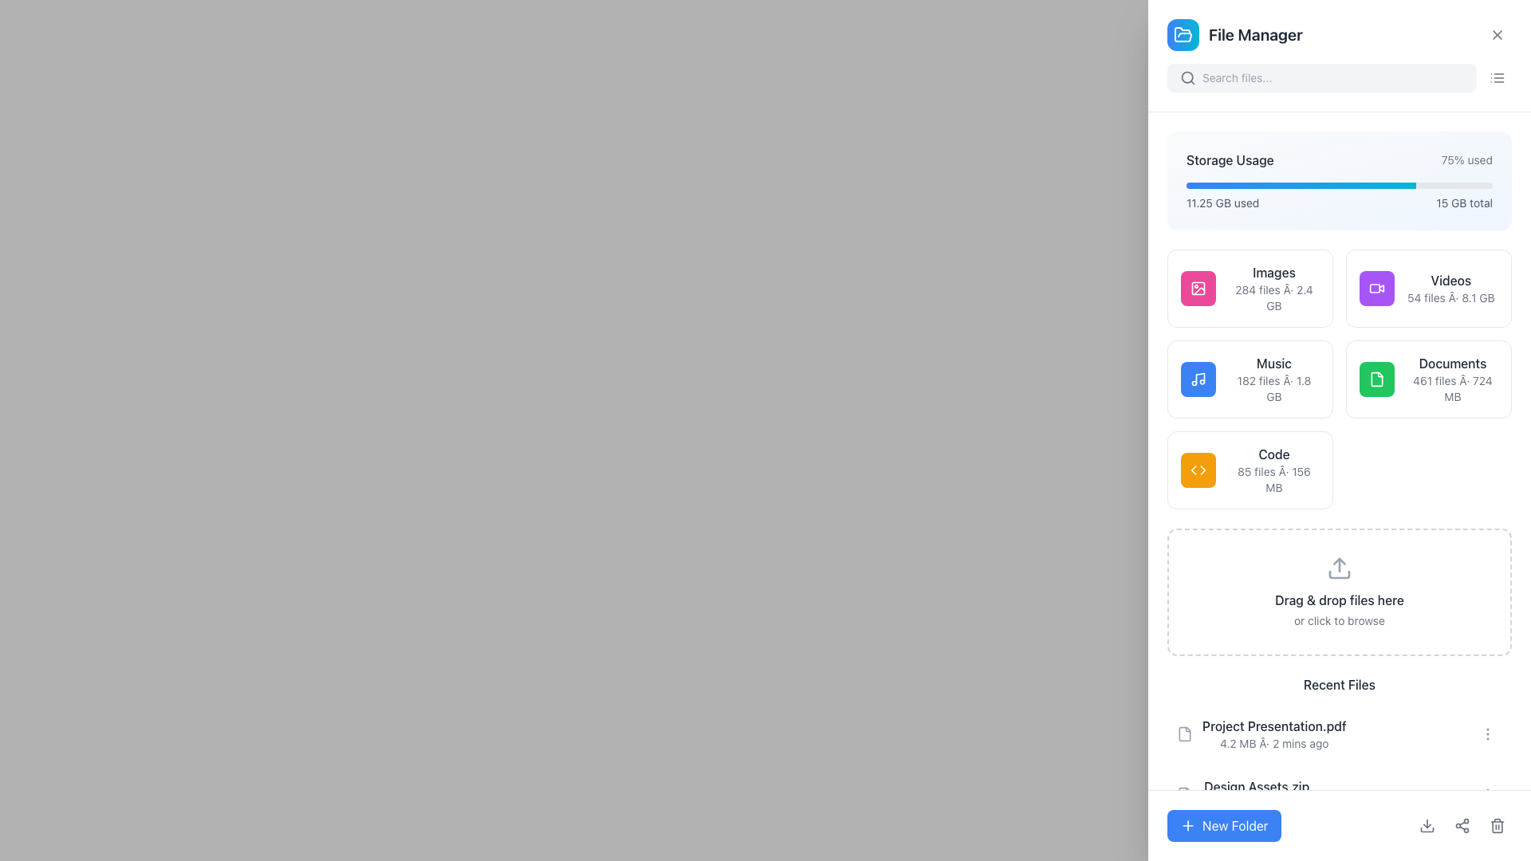 This screenshot has width=1531, height=861. What do you see at coordinates (1462, 825) in the screenshot?
I see `the circular share icon, which is the second icon from the left in a horizontal row at the bottom-right corner of the application interface` at bounding box center [1462, 825].